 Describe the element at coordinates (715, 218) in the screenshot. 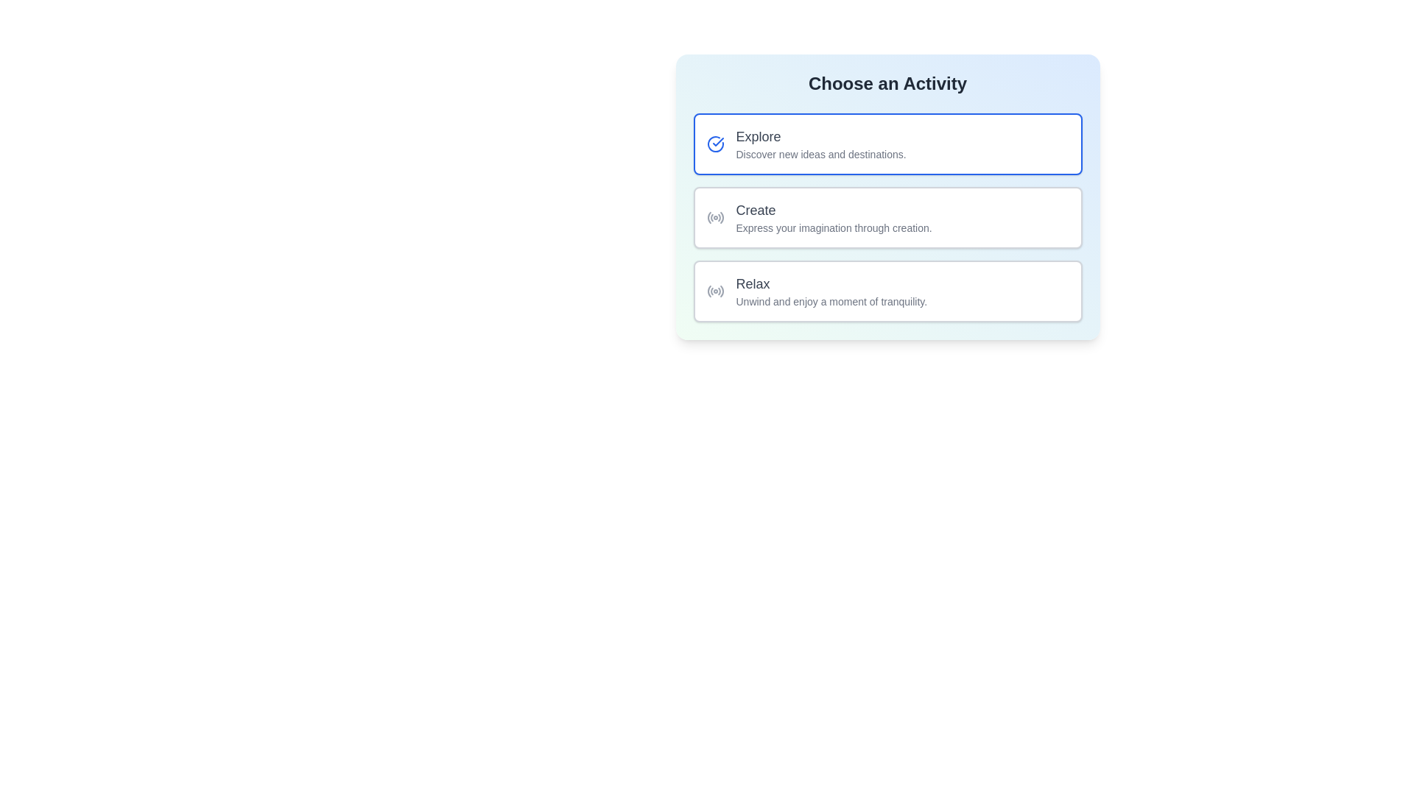

I see `the radio button symbol that indicates the 'Create' activity option in the activity selection menu` at that location.